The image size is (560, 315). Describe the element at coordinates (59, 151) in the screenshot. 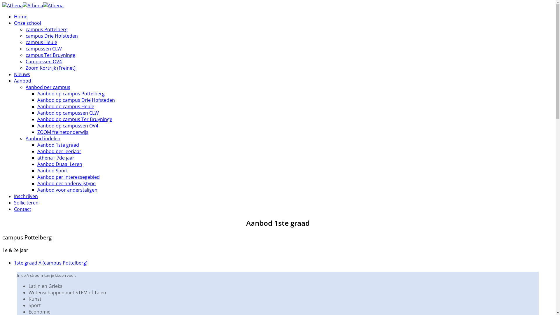

I see `'Aanbod per leerjaar'` at that location.